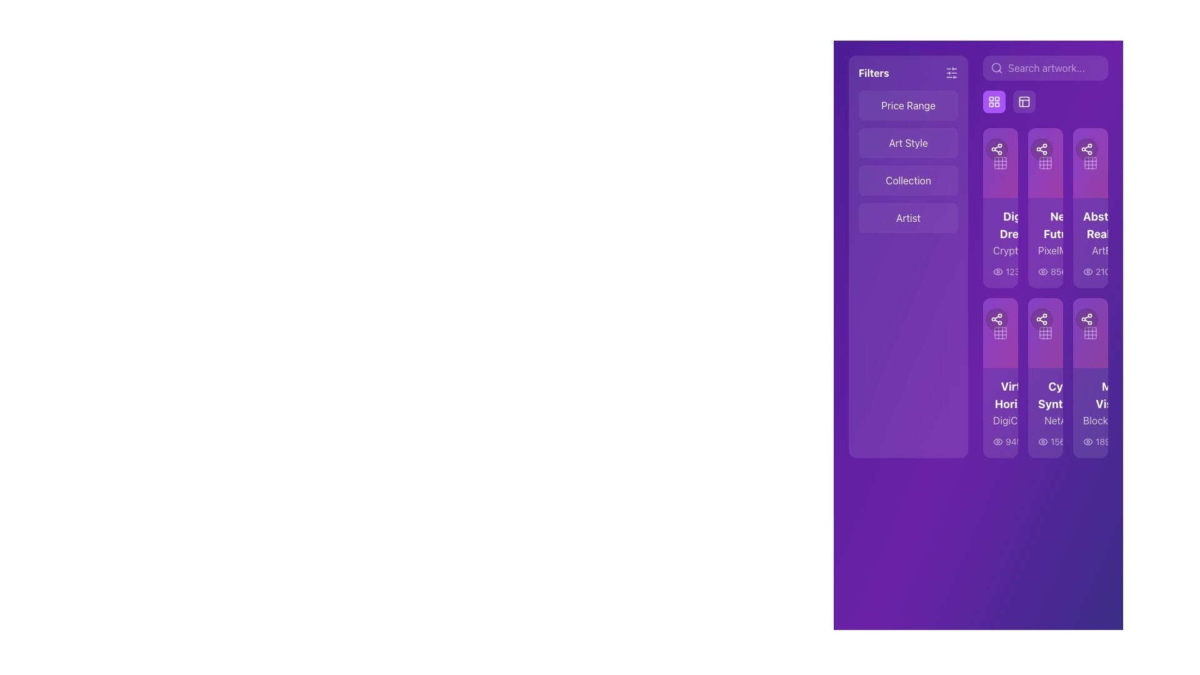 This screenshot has width=1200, height=675. I want to click on the heart-shaped icon located in the right panel, specifically the third icon in the vertical column of the second card in the third row, so click(1014, 318).